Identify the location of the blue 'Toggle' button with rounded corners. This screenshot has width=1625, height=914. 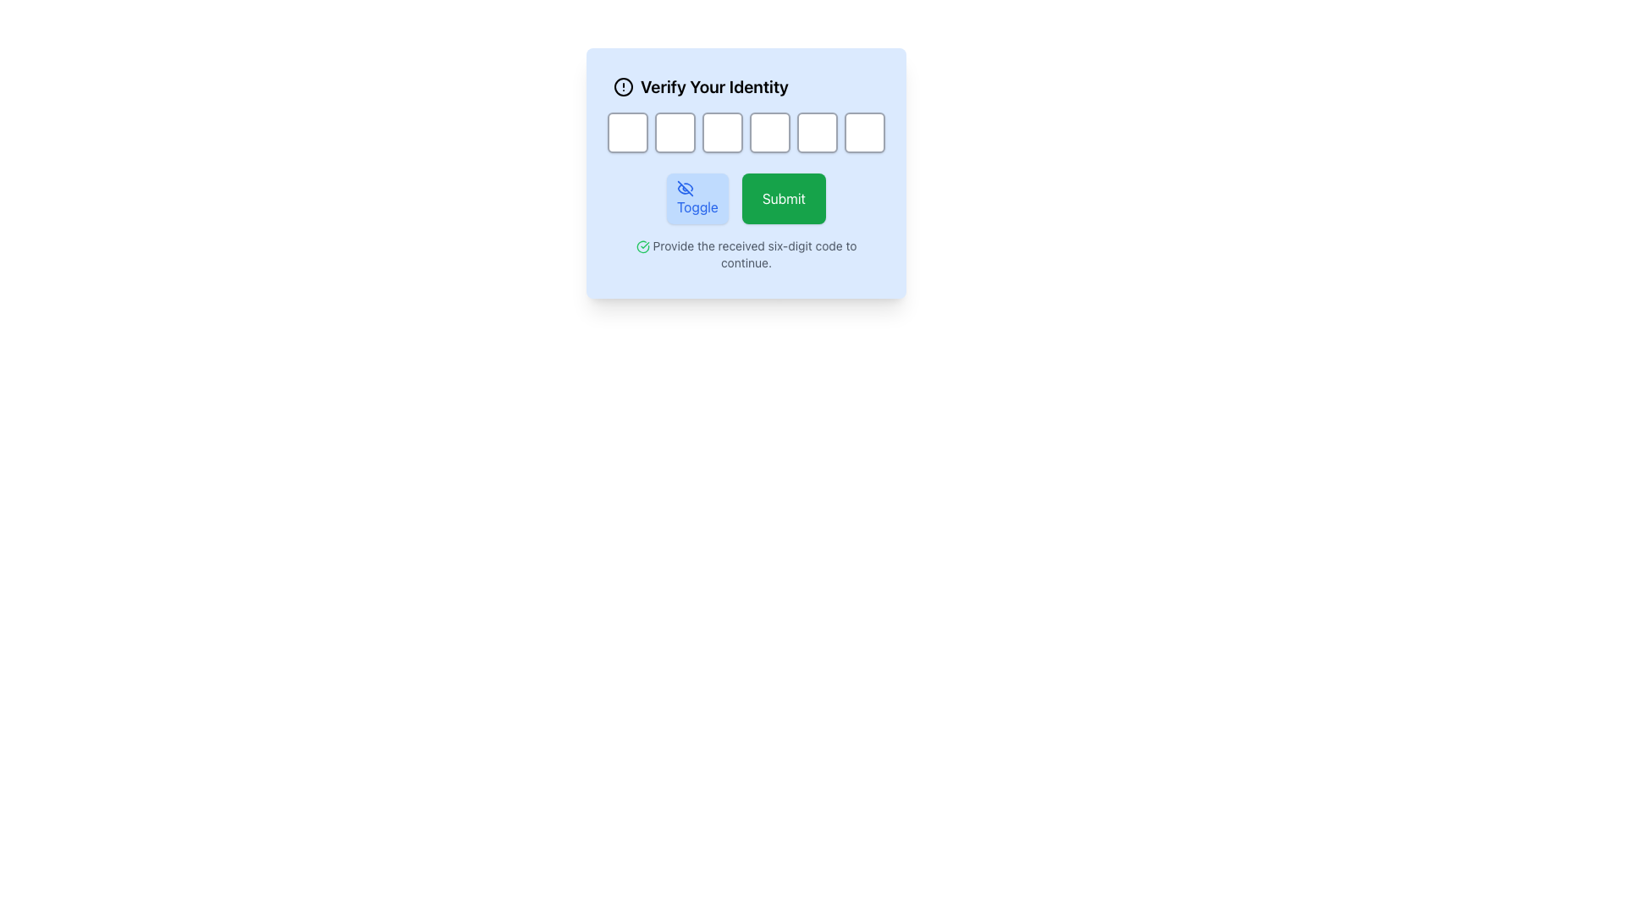
(697, 198).